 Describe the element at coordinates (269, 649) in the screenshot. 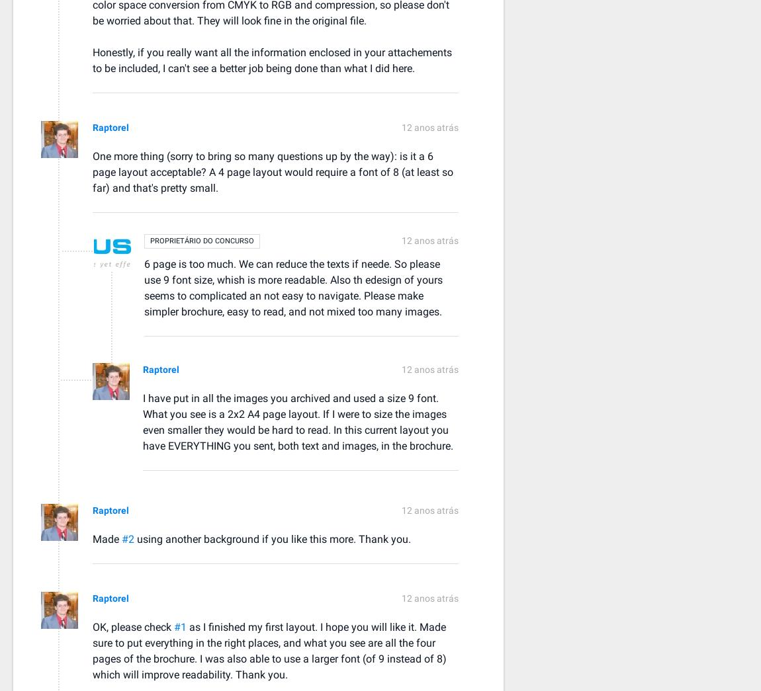

I see `'as I finished my first layout. I hope you will like it. Made sure to put everything in the right places, and what you see are all the four pages of the brochure. I was also able to use a larger font (of 9 instead of 8) which will improve readability. Thank you.'` at that location.